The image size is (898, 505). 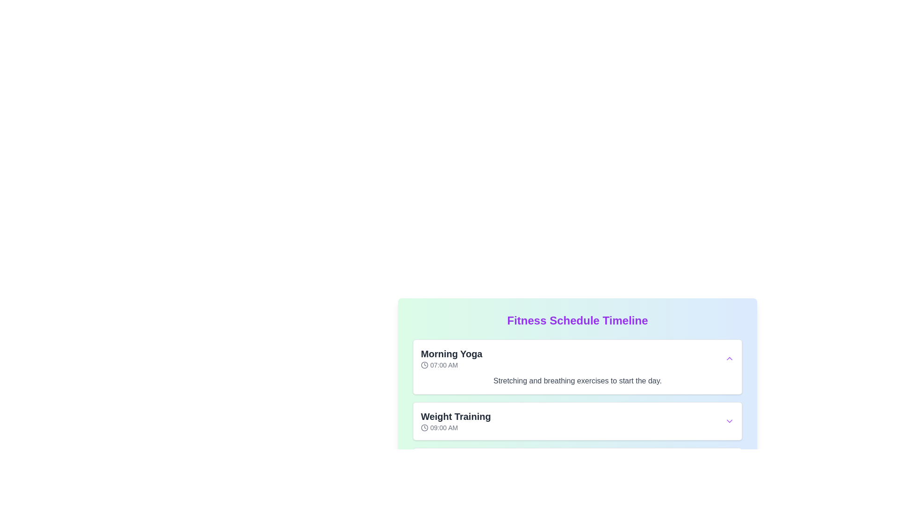 What do you see at coordinates (451, 364) in the screenshot?
I see `the time label '07:00 AM' with a clock icon, which is part of the 'Morning Yoga' block located below its title` at bounding box center [451, 364].